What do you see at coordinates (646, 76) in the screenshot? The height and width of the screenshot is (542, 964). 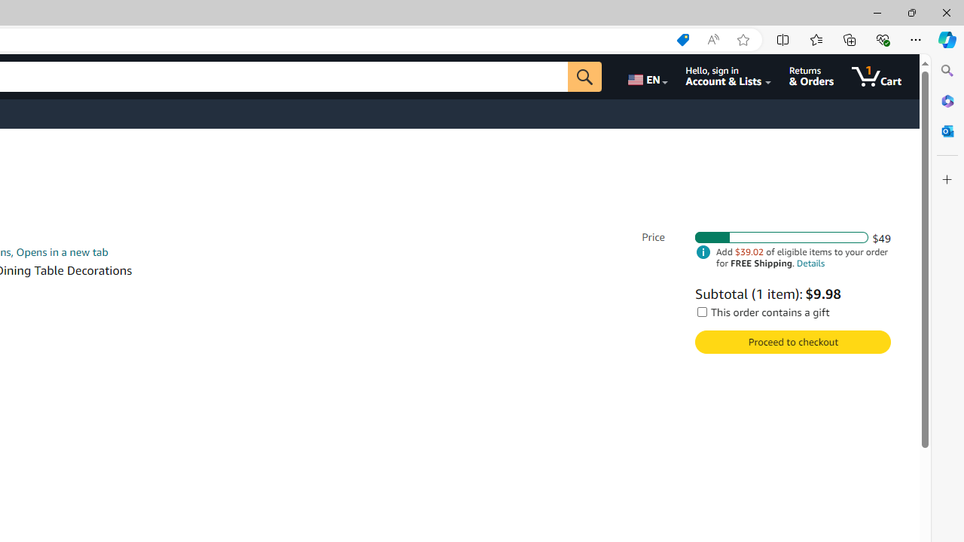 I see `'Choose a language for shopping.'` at bounding box center [646, 76].